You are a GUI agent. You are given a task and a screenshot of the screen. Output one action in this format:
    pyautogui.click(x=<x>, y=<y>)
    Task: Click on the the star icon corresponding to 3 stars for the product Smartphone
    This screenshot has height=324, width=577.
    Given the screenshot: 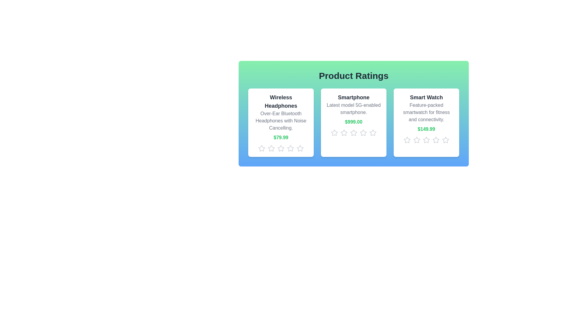 What is the action you would take?
    pyautogui.click(x=353, y=133)
    